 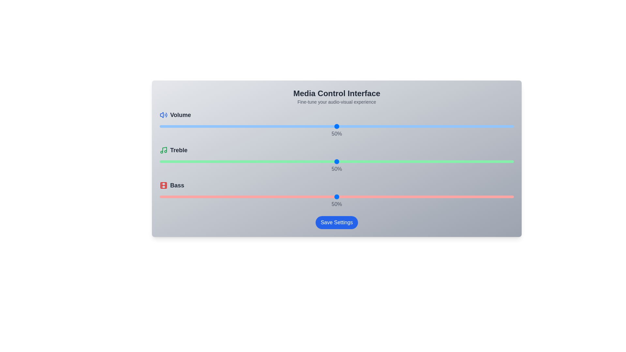 I want to click on the slider value, so click(x=184, y=161).